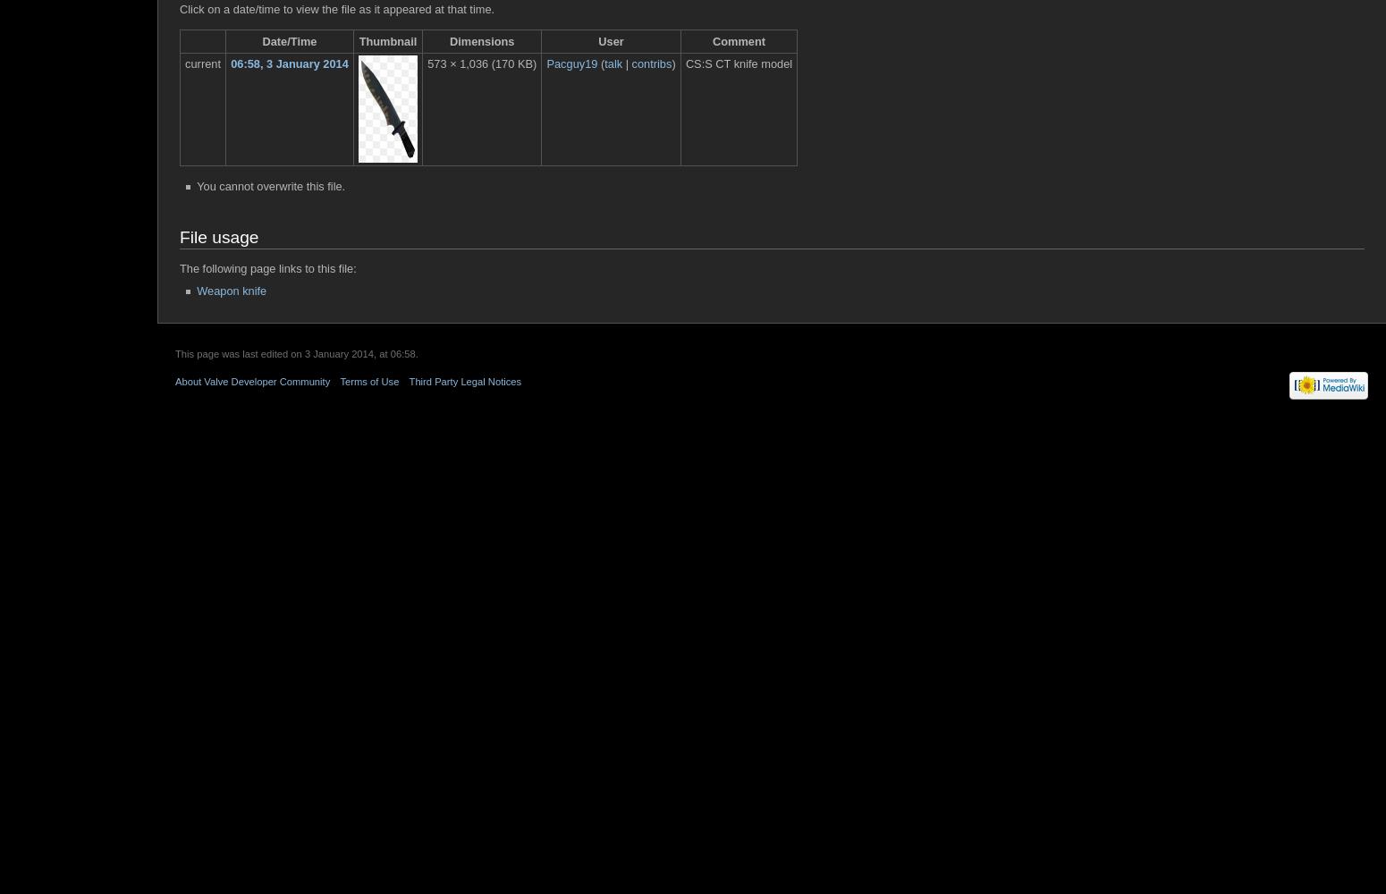 The width and height of the screenshot is (1386, 894). What do you see at coordinates (288, 40) in the screenshot?
I see `'Date/Time'` at bounding box center [288, 40].